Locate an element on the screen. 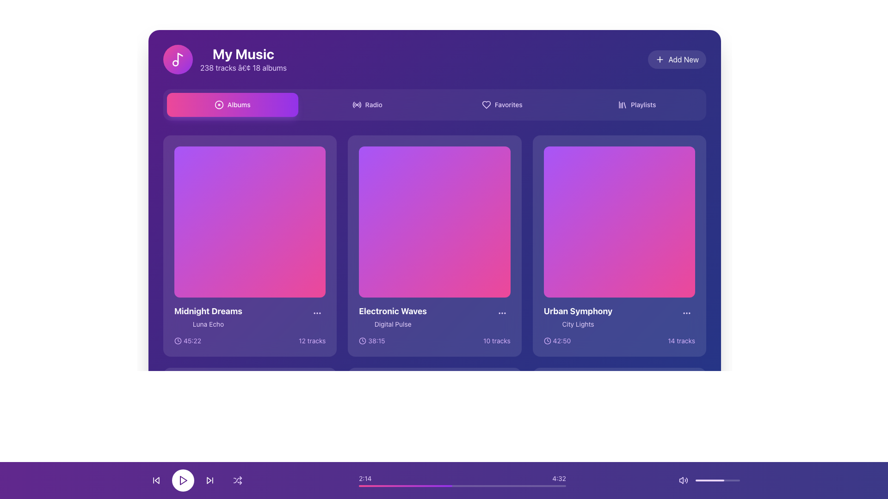 This screenshot has height=499, width=888. the static text element titled 'Midnight Dreams' with the subtitle 'Luna Echo', located at the bottom-left corner of the first card in a horizontally aligned list of three cards is located at coordinates (208, 316).